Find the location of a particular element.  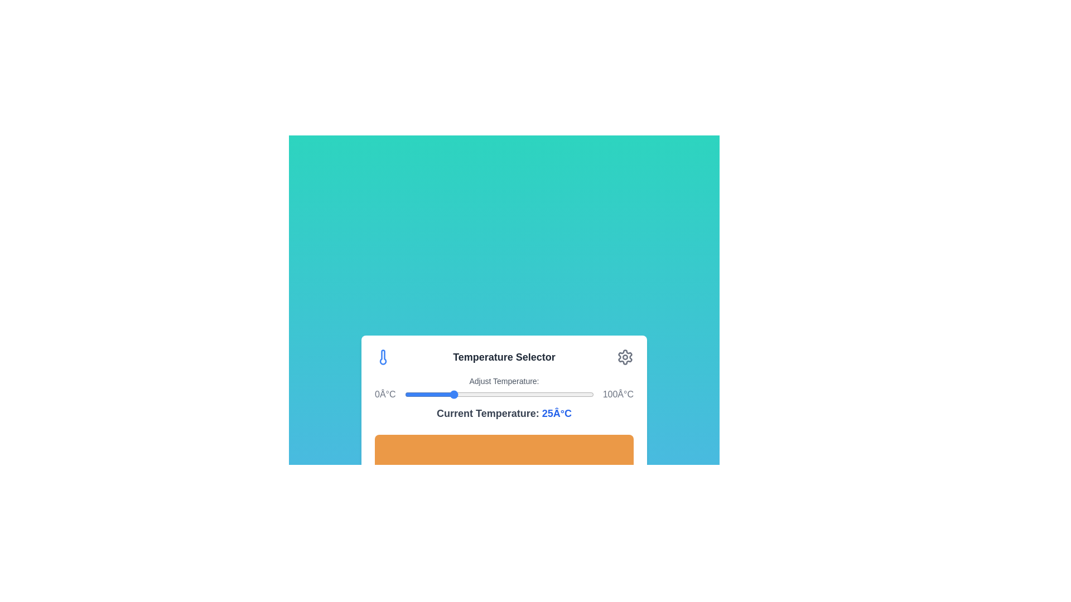

the settings icon to open the settings menu is located at coordinates (625, 357).